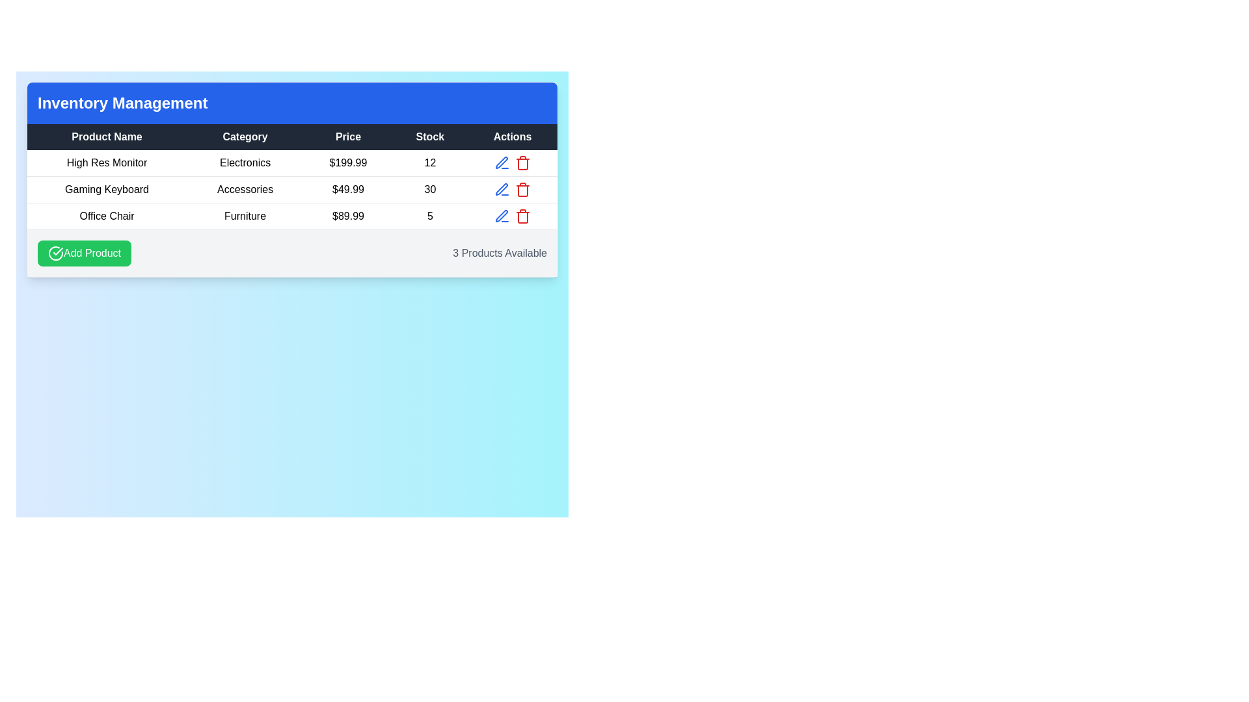 This screenshot has height=702, width=1249. I want to click on the text label 'Office Chair' located in the first position of the third row under the 'Product Name' column in the table, so click(107, 215).